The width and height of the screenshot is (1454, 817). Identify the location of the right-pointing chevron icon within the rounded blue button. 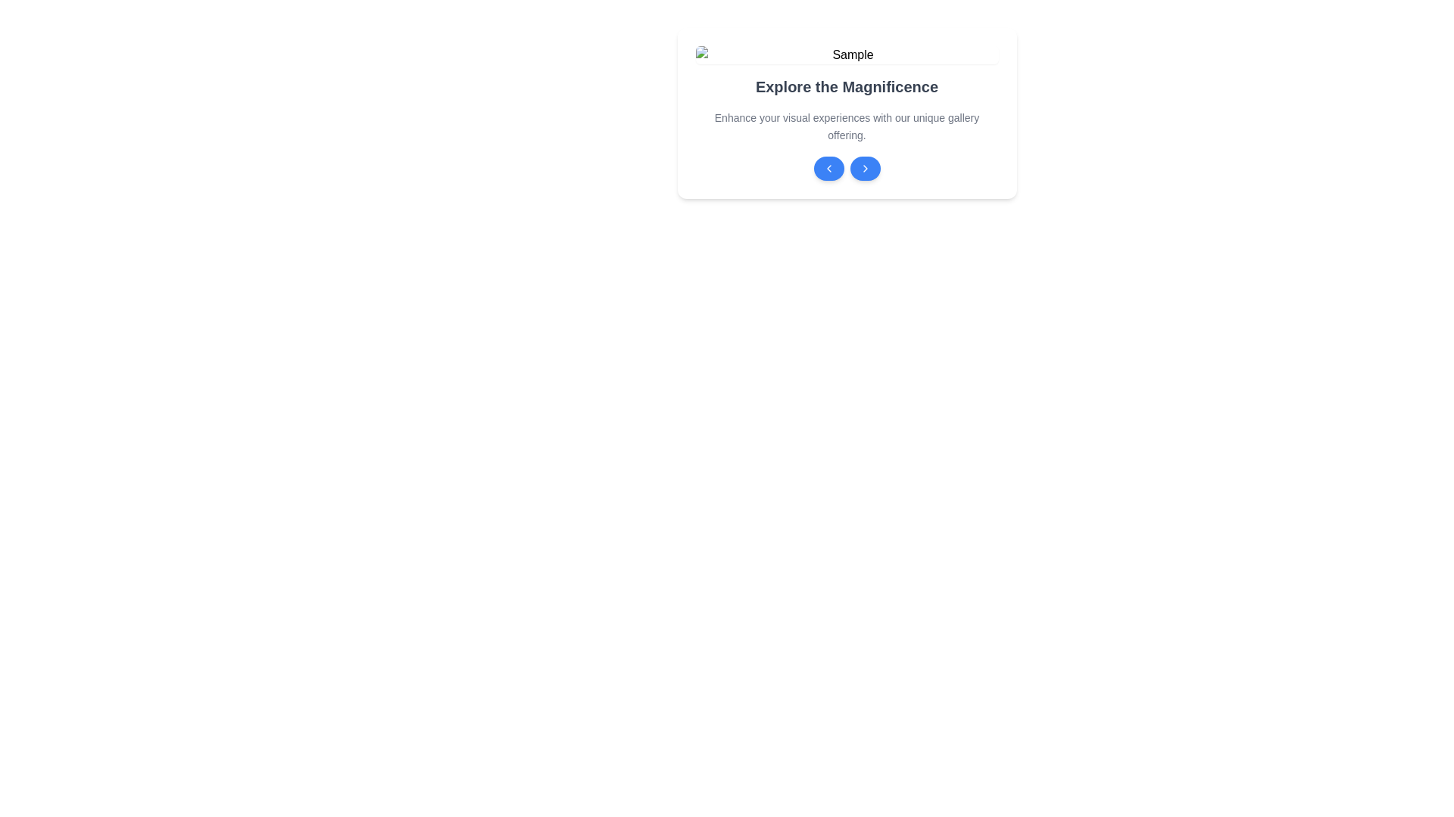
(865, 168).